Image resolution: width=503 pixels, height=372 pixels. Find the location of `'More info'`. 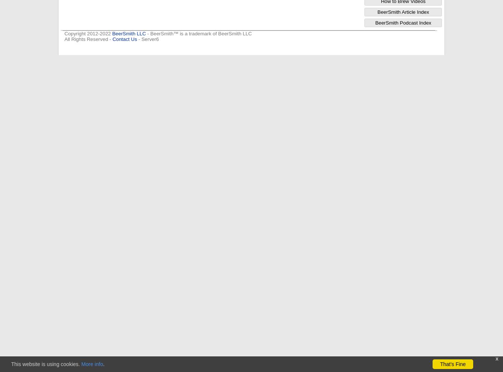

'More info' is located at coordinates (92, 364).